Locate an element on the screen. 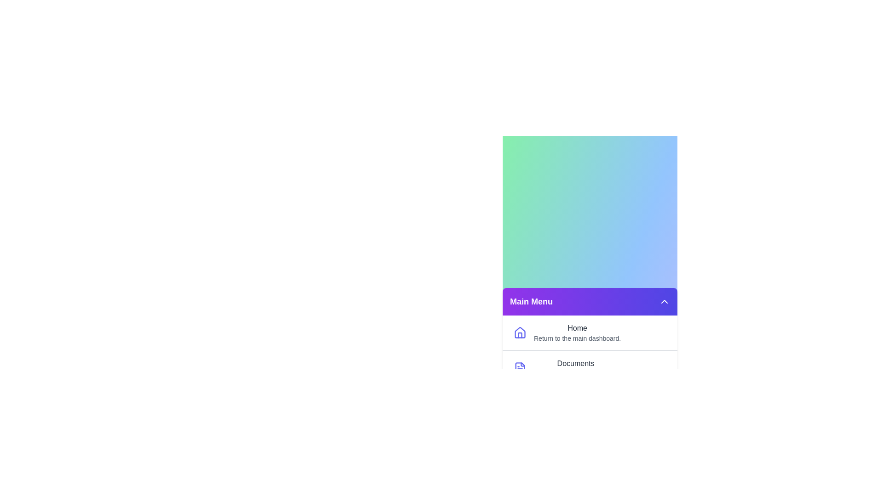 The width and height of the screenshot is (883, 496). the label Main Menu from the menu is located at coordinates (531, 301).